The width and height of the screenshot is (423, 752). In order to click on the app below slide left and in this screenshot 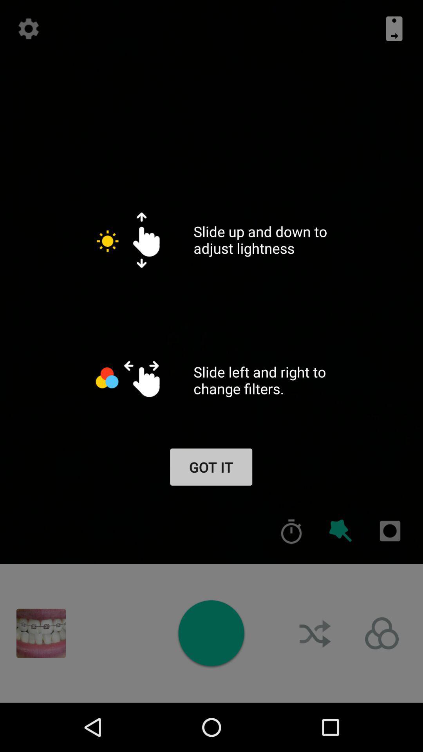, I will do `click(291, 531)`.